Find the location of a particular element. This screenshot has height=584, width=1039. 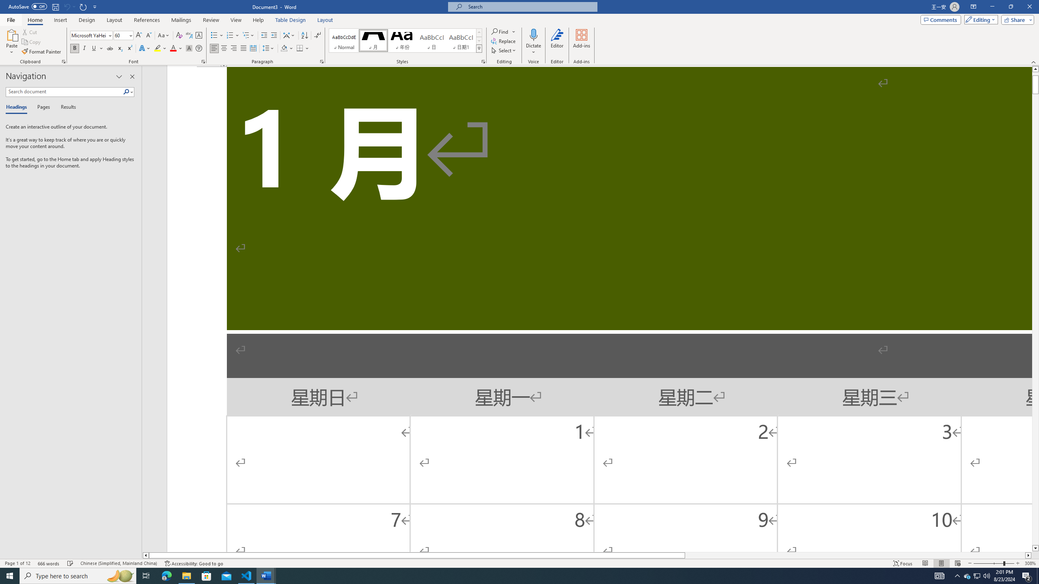

'AutomationID: QuickStylesGallery' is located at coordinates (405, 40).